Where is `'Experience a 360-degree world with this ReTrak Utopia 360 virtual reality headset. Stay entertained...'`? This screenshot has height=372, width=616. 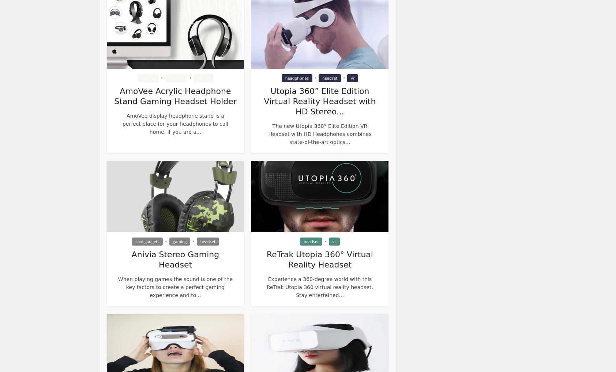 'Experience a 360-degree world with this ReTrak Utopia 360 virtual reality headset. Stay entertained...' is located at coordinates (319, 287).